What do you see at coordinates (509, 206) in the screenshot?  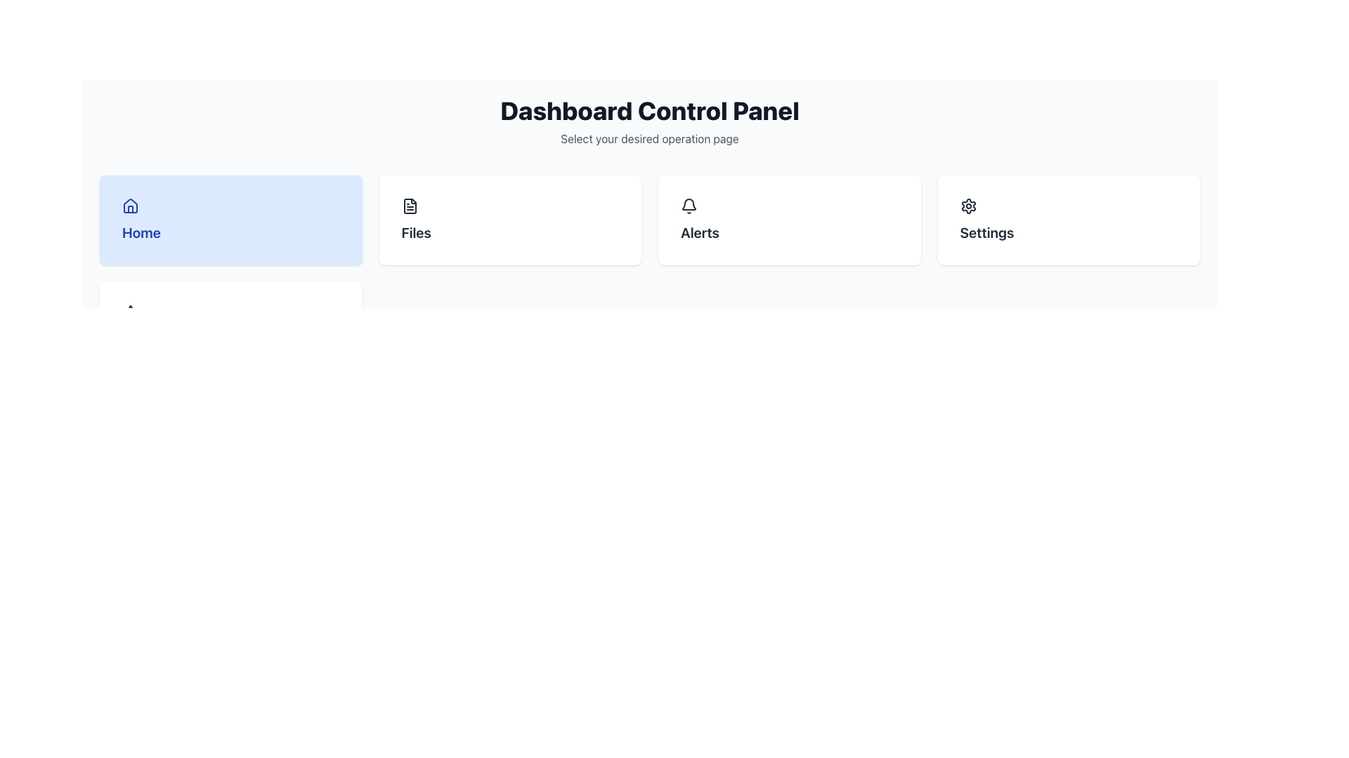 I see `the icon representing files located in the top section of the 'Files' card, which is the second card in the row of interactive panels under the 'Dashboard Control Panel'` at bounding box center [509, 206].